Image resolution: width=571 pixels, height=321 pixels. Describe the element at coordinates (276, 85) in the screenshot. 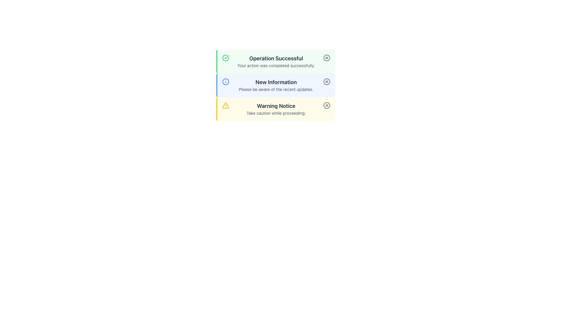

I see `the primary text block element located in the blue-colored section, which provides notifications and updates to the user` at that location.